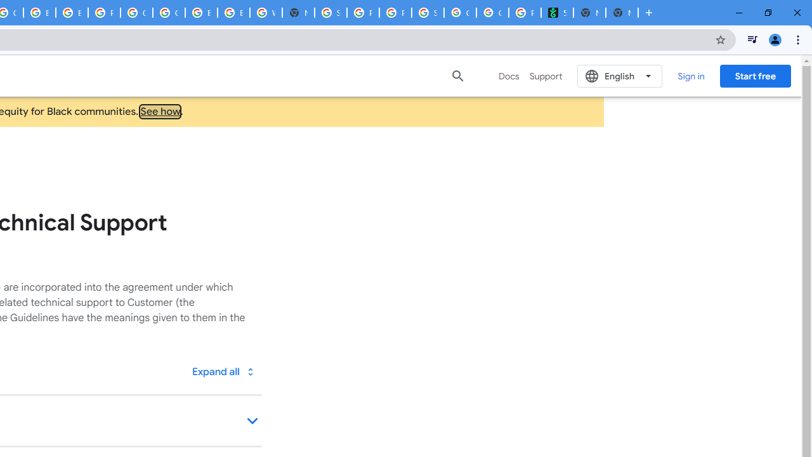 The image size is (812, 457). Describe the element at coordinates (233, 13) in the screenshot. I see `'Browse Chrome as a guest - Computer - Google Chrome Help'` at that location.